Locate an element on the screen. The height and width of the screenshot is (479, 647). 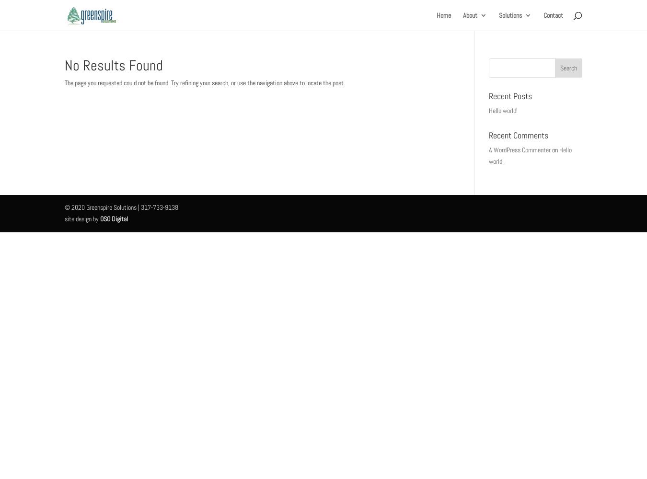
'Solutions' is located at coordinates (510, 15).